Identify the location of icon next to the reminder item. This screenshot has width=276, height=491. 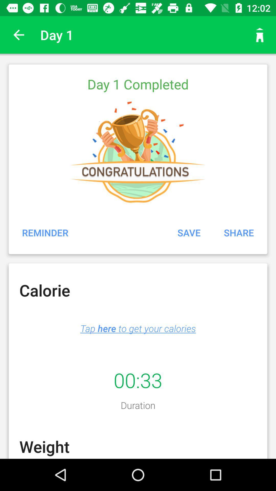
(189, 232).